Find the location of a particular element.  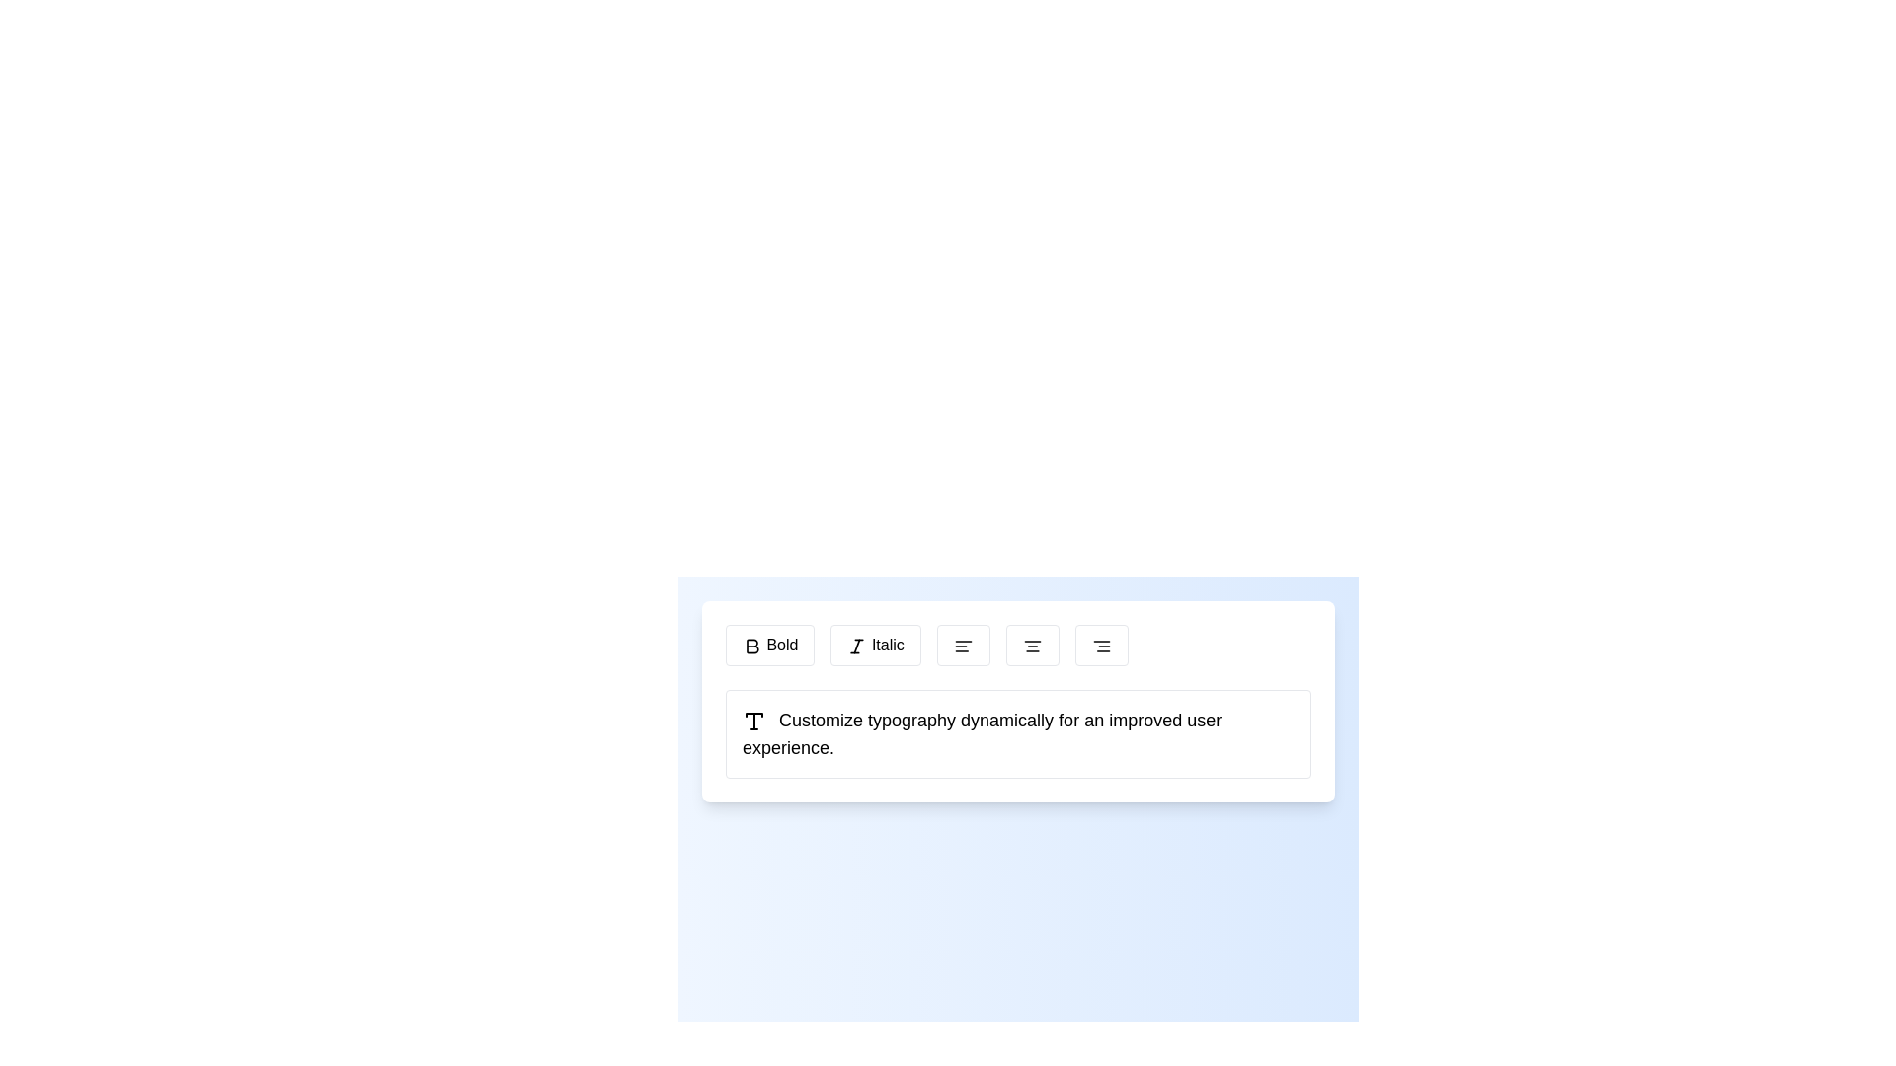

the third icon button for aligning text to the left, located above the text area under the label 'Customize typography dynamically for an improved user experience' is located at coordinates (963, 646).